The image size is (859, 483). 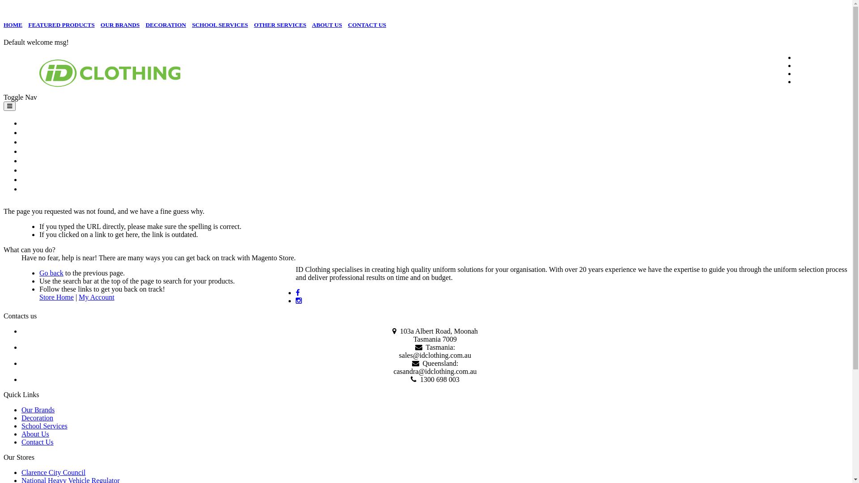 What do you see at coordinates (119, 24) in the screenshot?
I see `'OUR BRANDS'` at bounding box center [119, 24].